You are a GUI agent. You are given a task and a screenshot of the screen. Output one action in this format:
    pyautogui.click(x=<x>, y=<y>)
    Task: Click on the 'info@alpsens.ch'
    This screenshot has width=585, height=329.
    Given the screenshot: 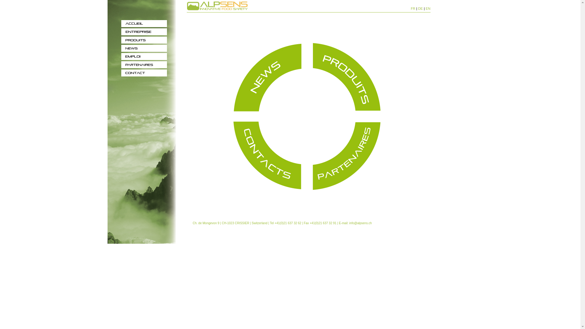 What is the action you would take?
    pyautogui.click(x=360, y=223)
    